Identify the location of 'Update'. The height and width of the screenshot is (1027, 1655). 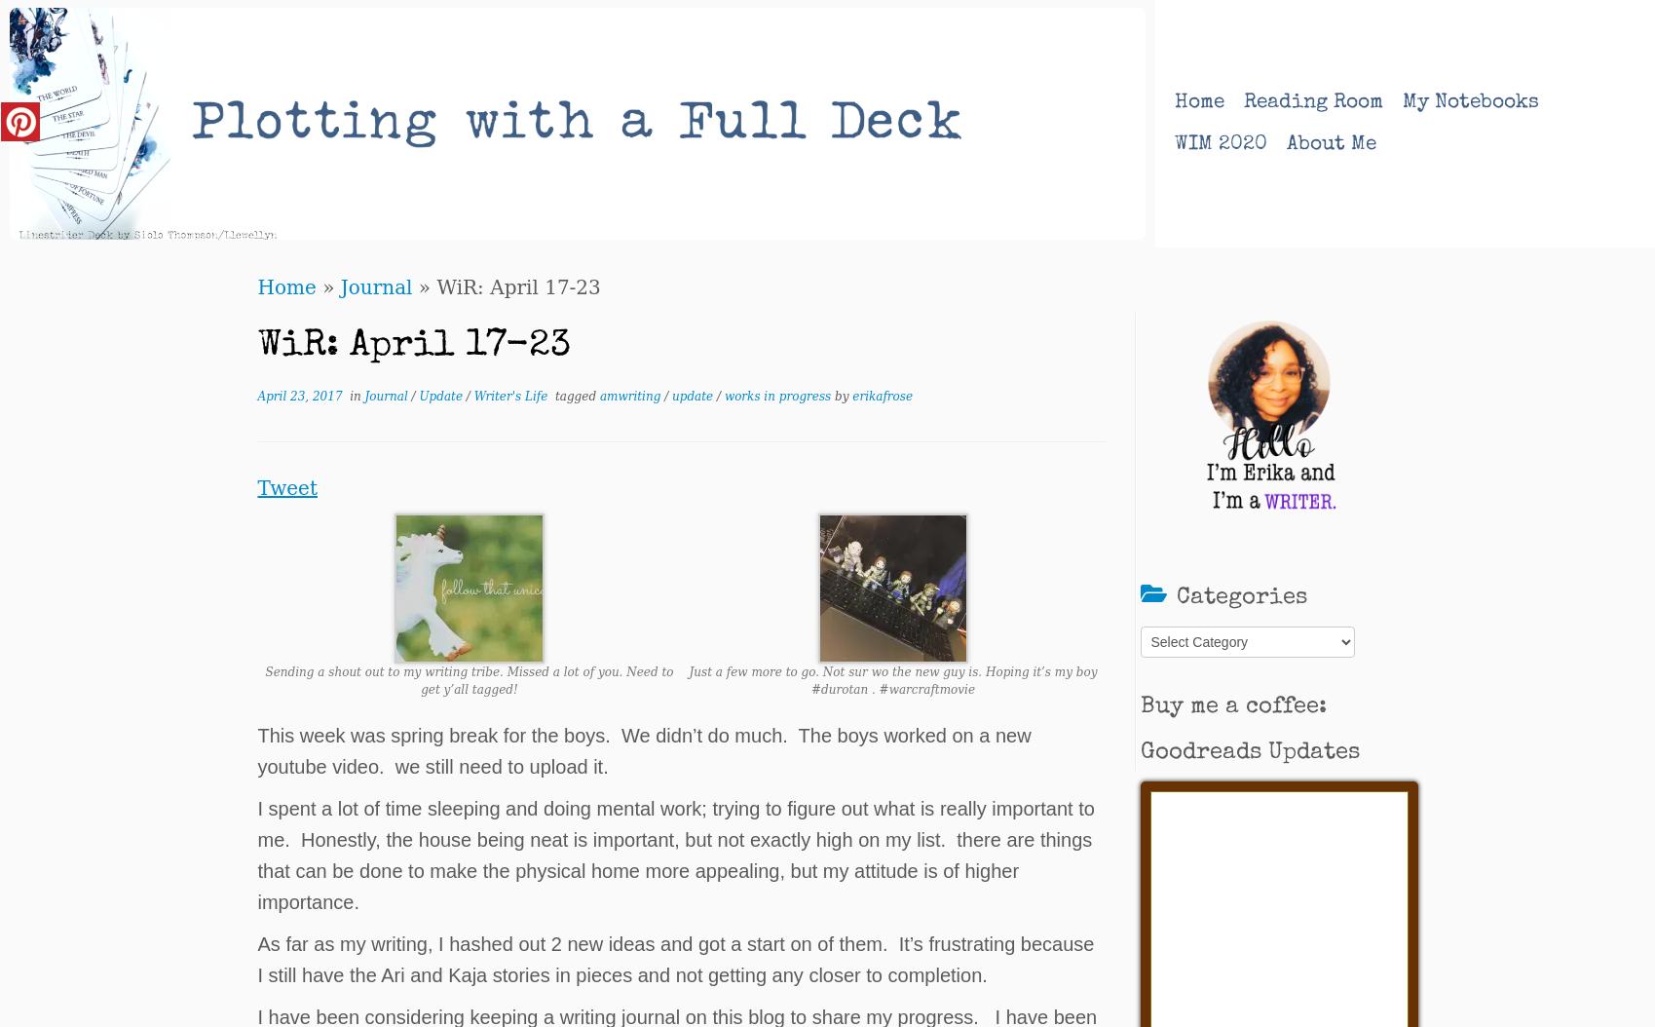
(419, 395).